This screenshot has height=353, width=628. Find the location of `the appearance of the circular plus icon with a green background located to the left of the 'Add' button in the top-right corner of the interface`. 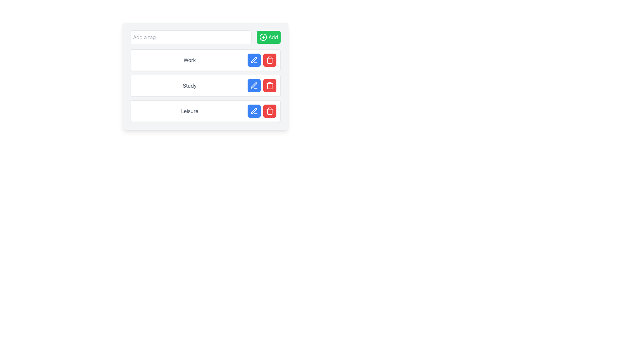

the appearance of the circular plus icon with a green background located to the left of the 'Add' button in the top-right corner of the interface is located at coordinates (263, 37).